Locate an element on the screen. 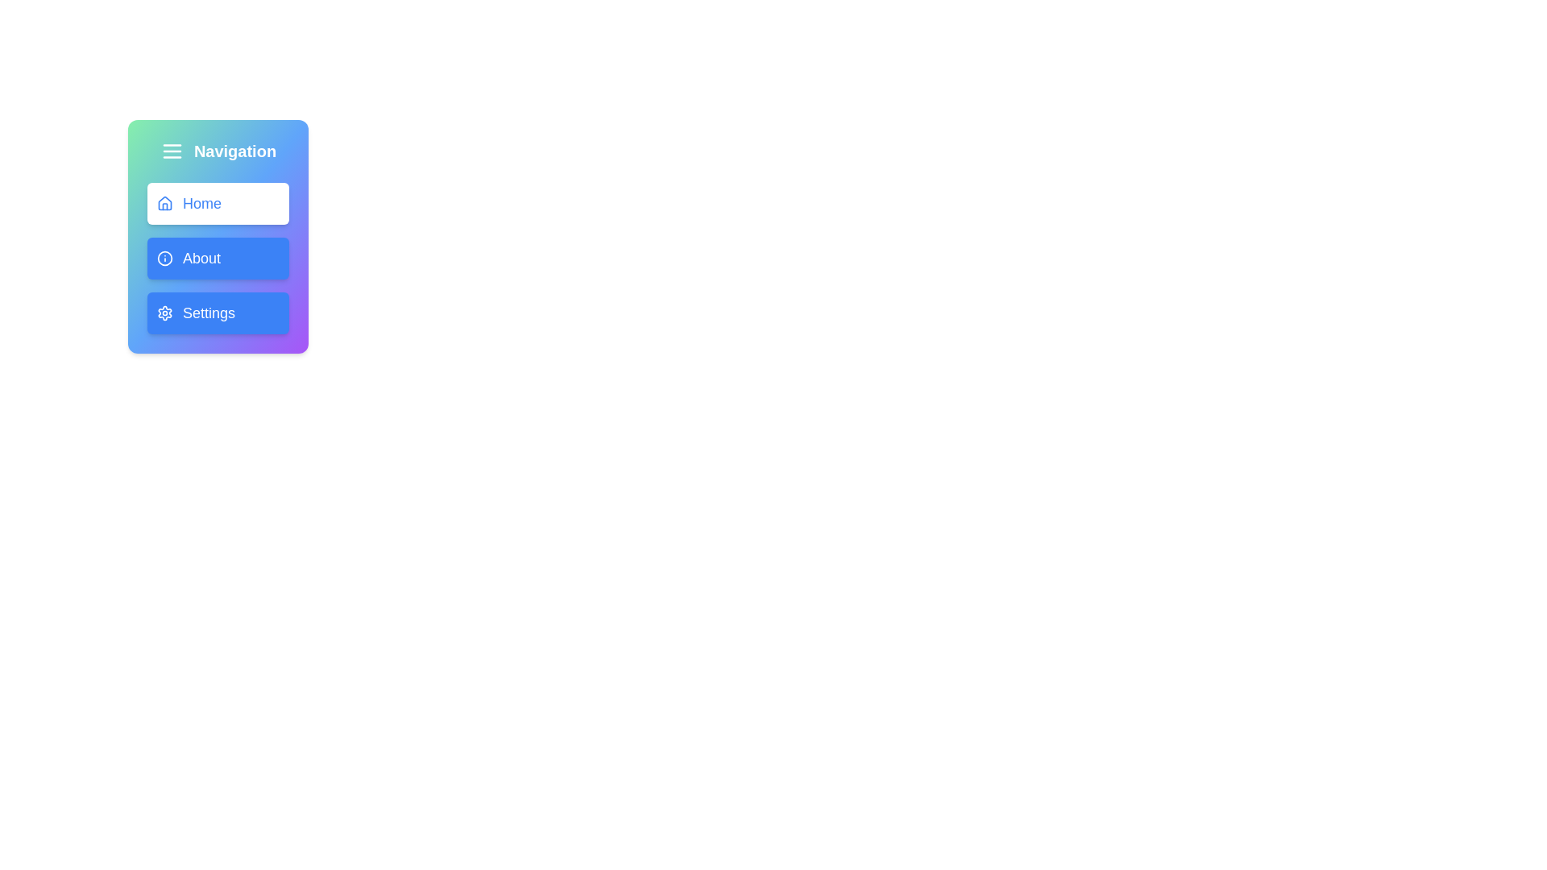 This screenshot has width=1547, height=870. the house icon in the navigation menu is located at coordinates (165, 203).